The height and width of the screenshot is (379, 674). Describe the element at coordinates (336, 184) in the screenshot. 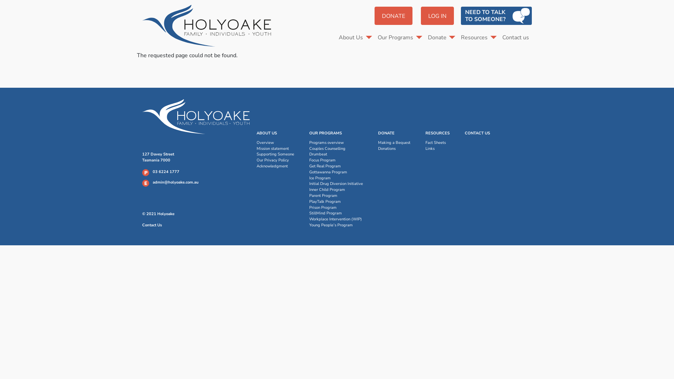

I see `'Initial Drug Diversion Initiative'` at that location.